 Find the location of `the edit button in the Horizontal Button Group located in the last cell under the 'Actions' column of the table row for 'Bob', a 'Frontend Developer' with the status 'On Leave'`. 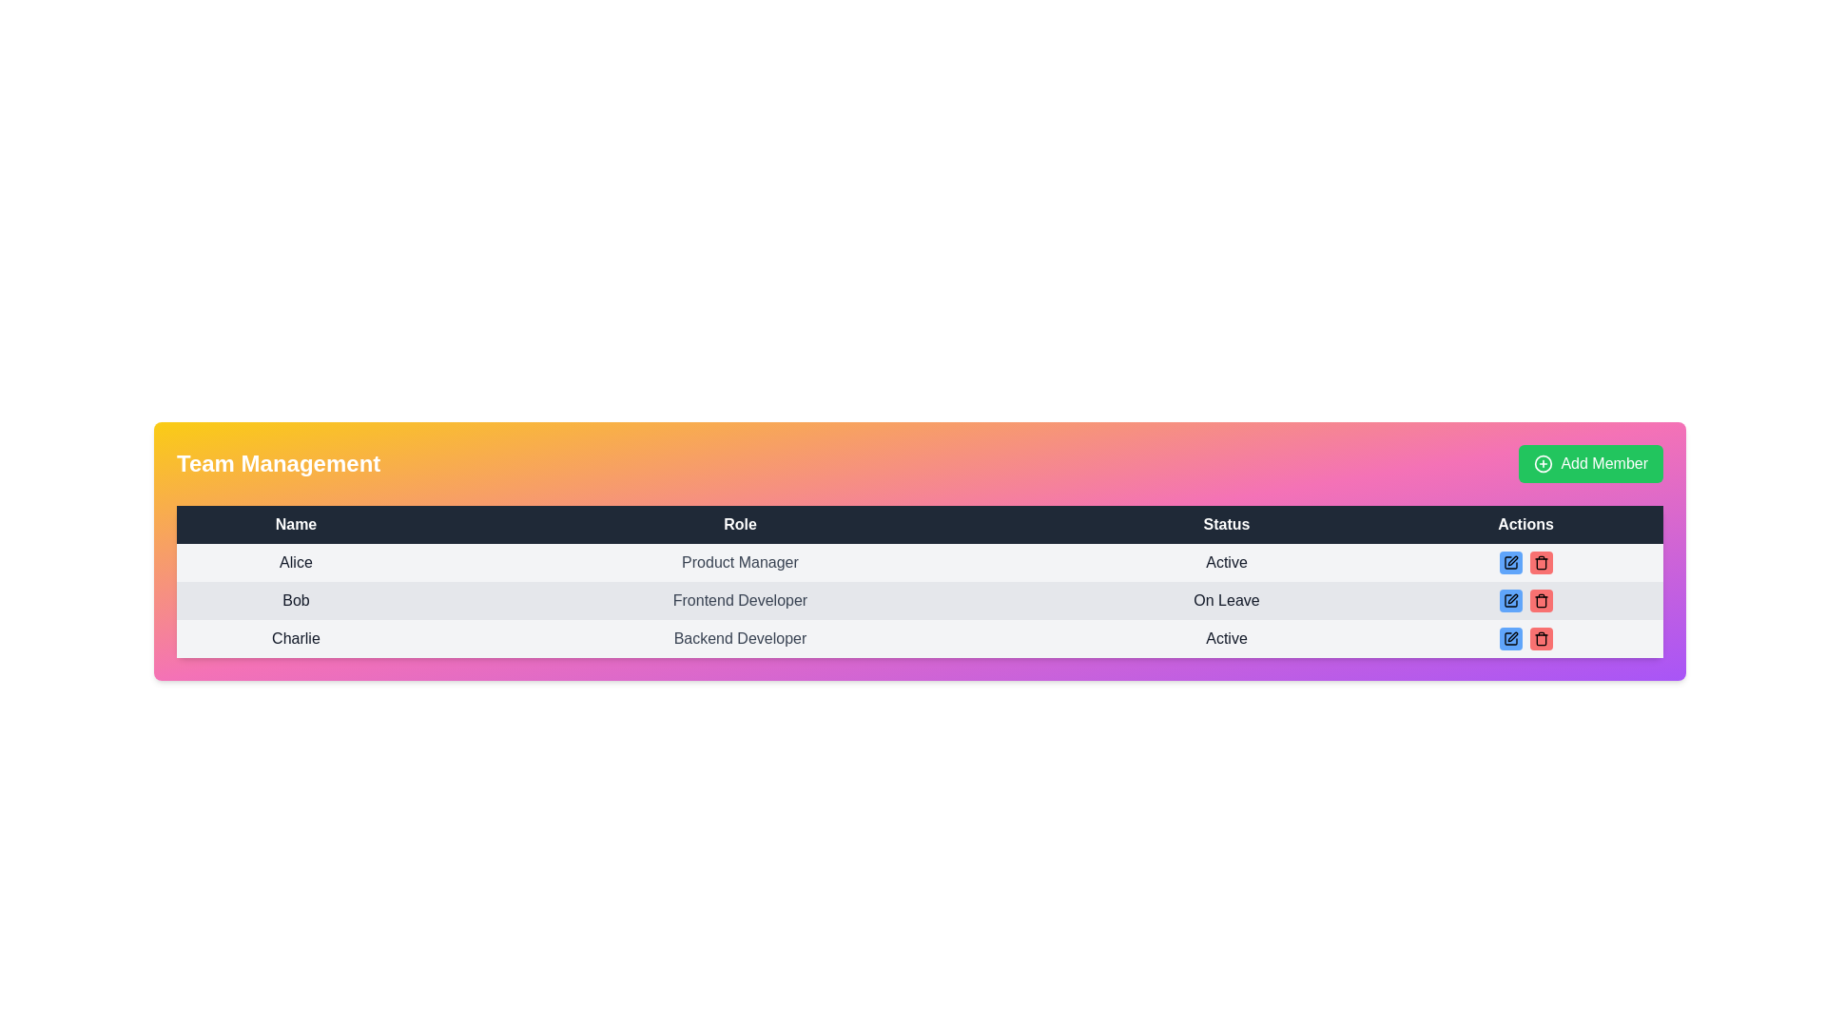

the edit button in the Horizontal Button Group located in the last cell under the 'Actions' column of the table row for 'Bob', a 'Frontend Developer' with the status 'On Leave' is located at coordinates (1525, 601).